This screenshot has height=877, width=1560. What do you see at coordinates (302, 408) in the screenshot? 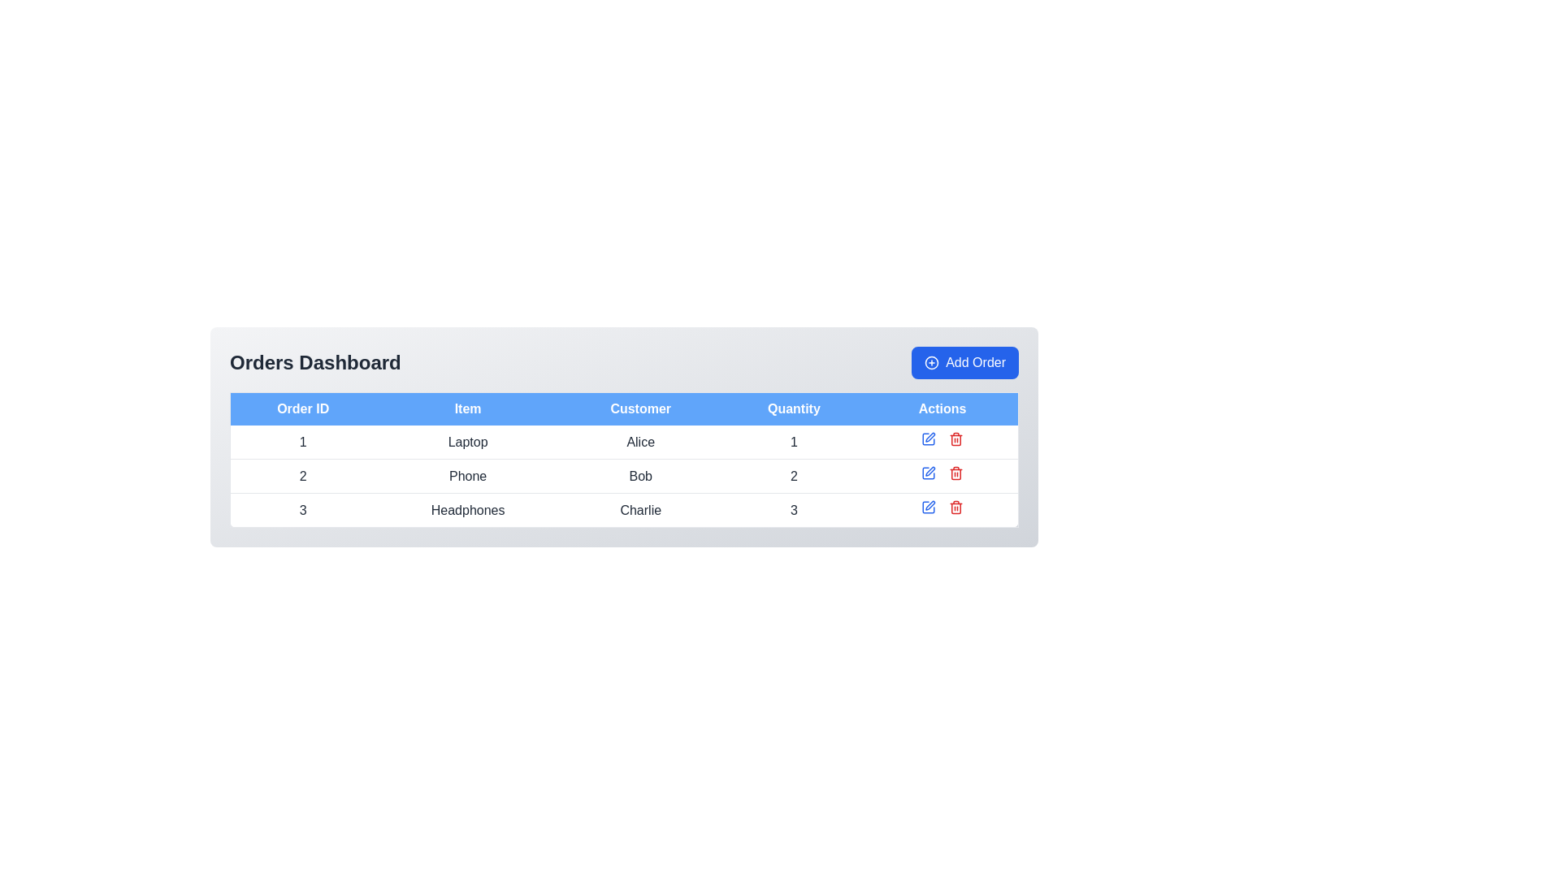
I see `the 'Order ID' label in the table header, which displays the text in white font on a blue background` at bounding box center [302, 408].